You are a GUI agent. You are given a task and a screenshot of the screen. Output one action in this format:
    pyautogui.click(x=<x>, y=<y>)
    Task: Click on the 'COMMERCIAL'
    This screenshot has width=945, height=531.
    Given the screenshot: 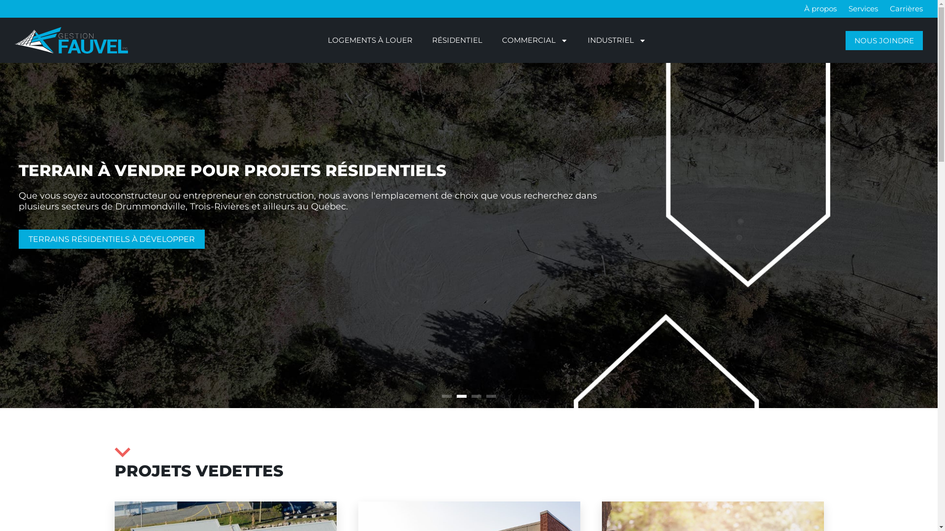 What is the action you would take?
    pyautogui.click(x=534, y=39)
    